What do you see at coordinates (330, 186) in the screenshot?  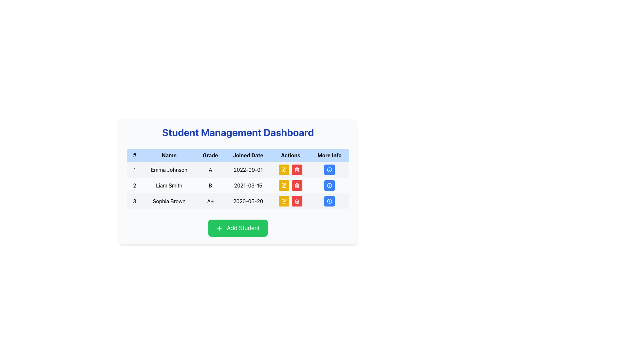 I see `the 'More Info' button for student 'Liam Smith'` at bounding box center [330, 186].